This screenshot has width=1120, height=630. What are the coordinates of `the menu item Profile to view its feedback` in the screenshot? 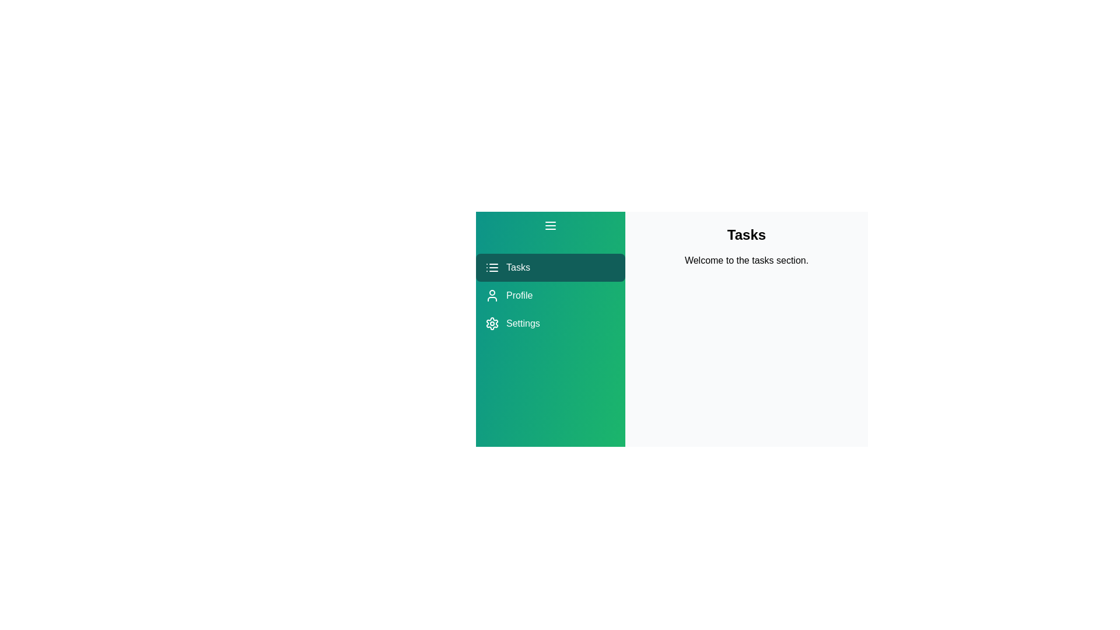 It's located at (550, 295).